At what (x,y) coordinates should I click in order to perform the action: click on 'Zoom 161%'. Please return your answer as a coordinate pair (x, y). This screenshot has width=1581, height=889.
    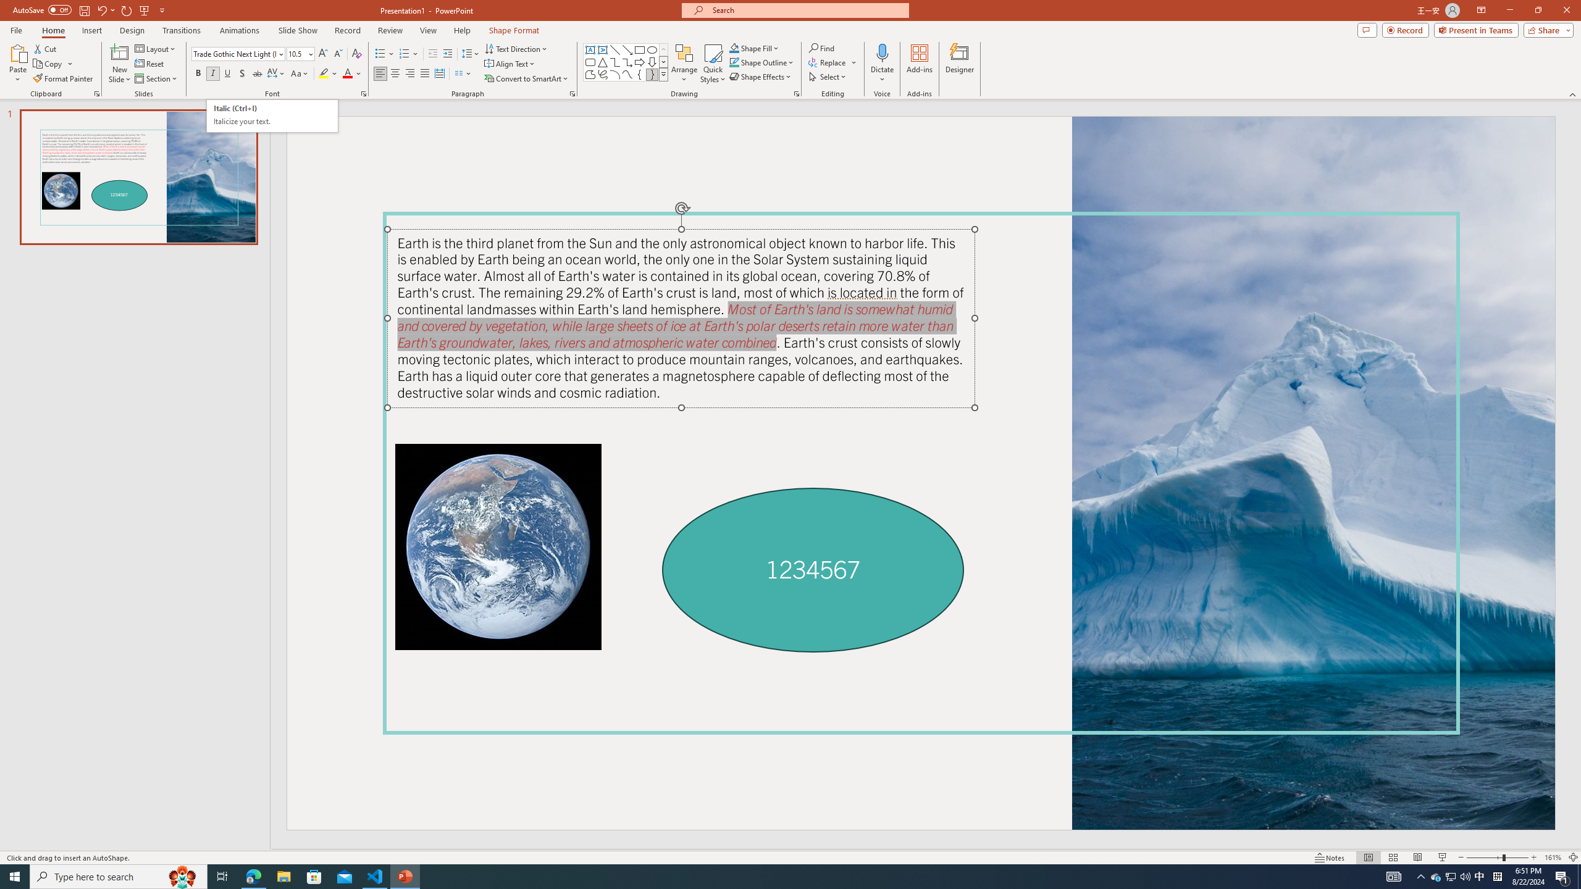
    Looking at the image, I should click on (1553, 858).